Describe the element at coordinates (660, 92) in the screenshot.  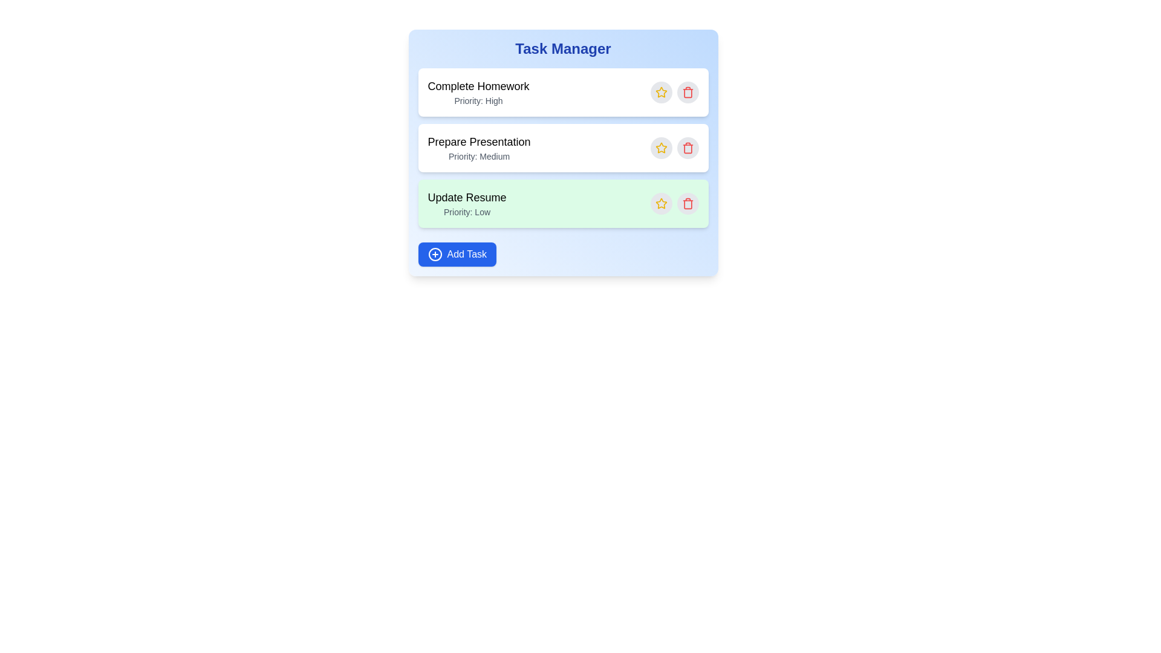
I see `the star button next to the task 'Complete Homework' to mark it as completed` at that location.